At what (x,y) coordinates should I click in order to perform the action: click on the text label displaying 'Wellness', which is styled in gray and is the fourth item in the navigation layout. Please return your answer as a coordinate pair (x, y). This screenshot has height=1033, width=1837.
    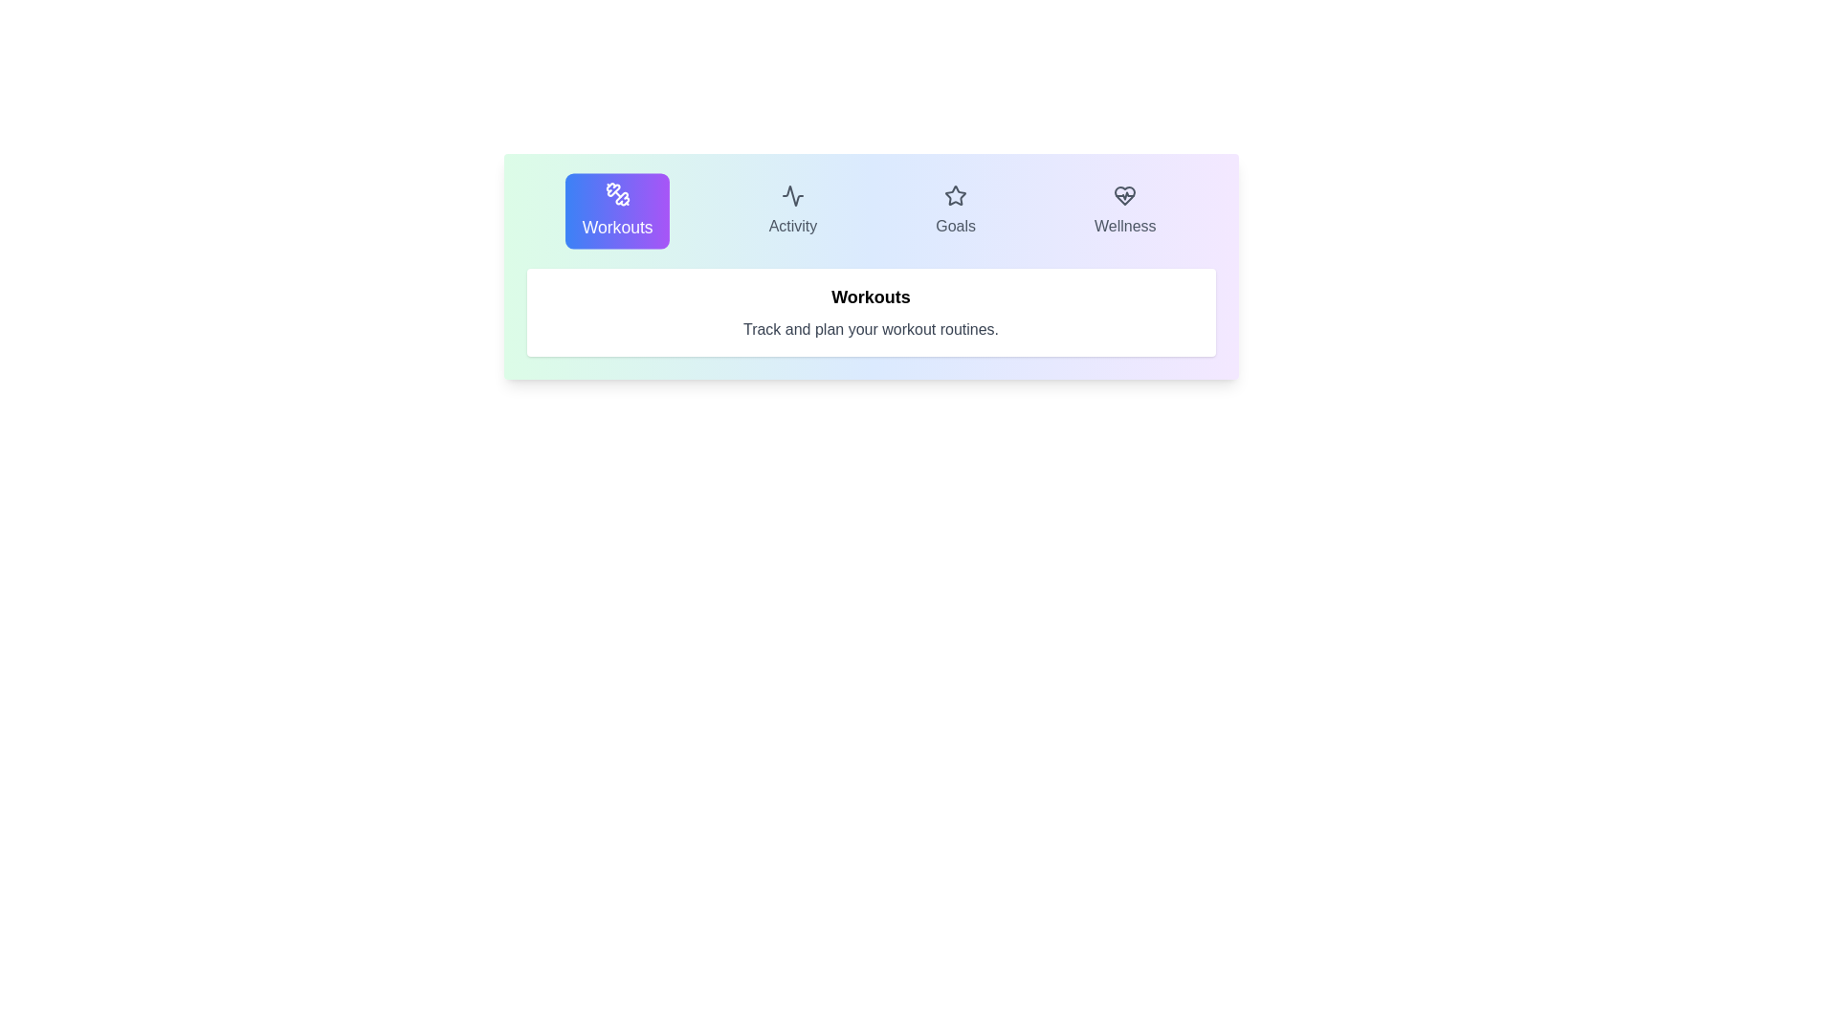
    Looking at the image, I should click on (1125, 225).